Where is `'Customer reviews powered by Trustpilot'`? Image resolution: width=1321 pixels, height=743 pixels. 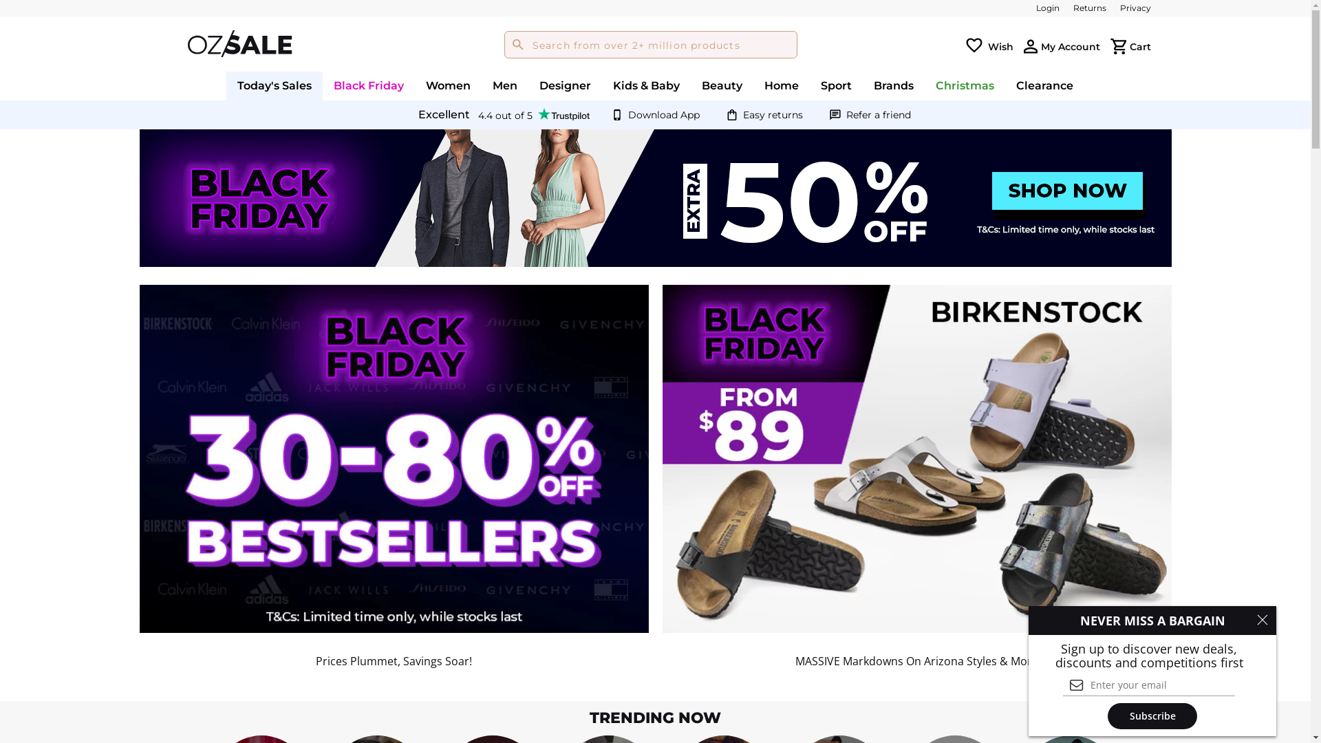 'Customer reviews powered by Trustpilot' is located at coordinates (502, 114).